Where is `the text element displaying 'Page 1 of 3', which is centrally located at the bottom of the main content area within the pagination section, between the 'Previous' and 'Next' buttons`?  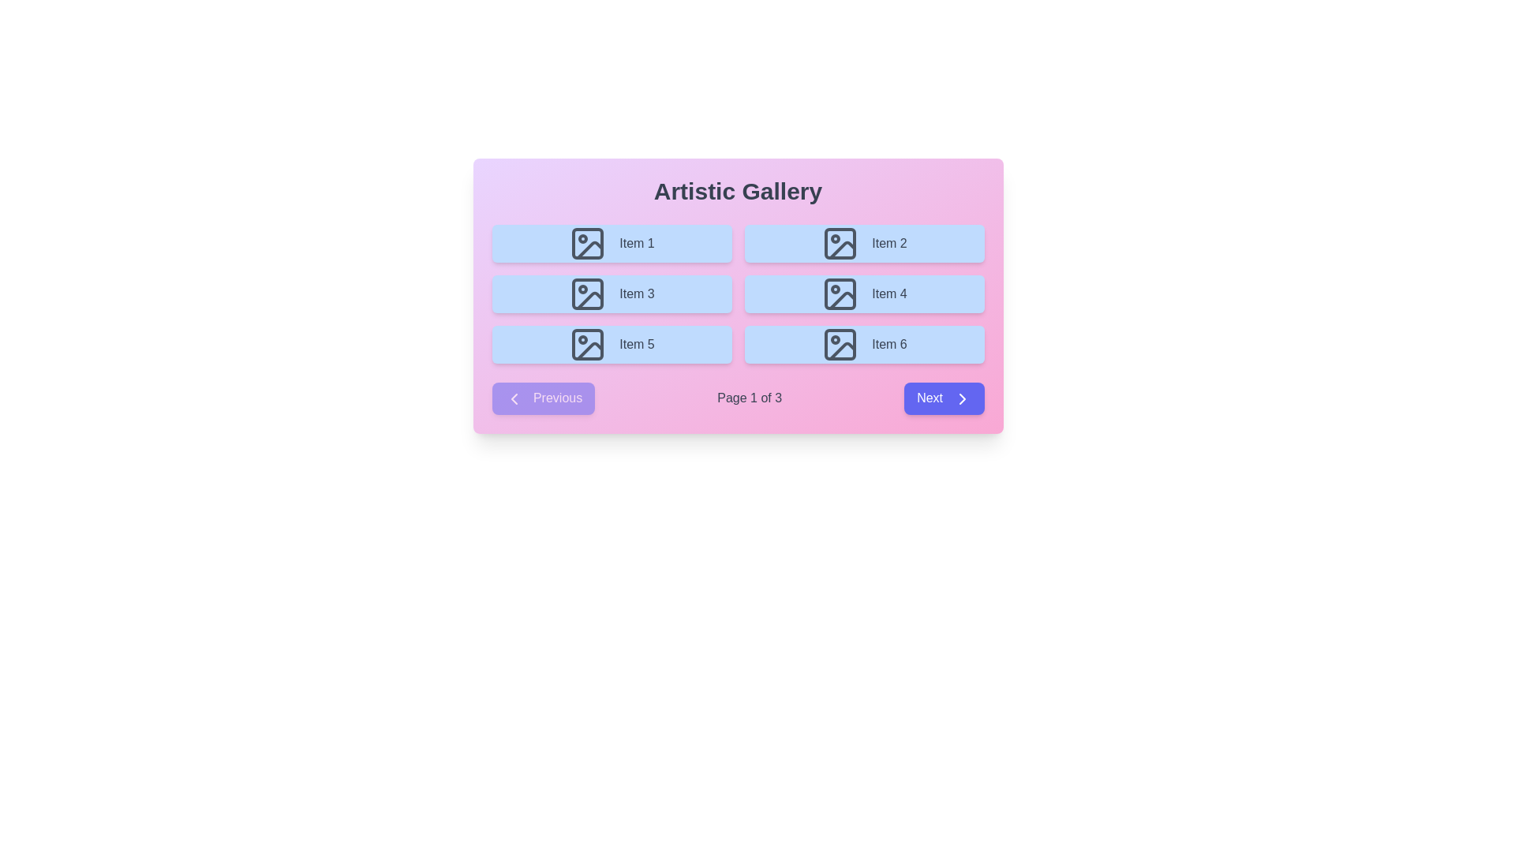 the text element displaying 'Page 1 of 3', which is centrally located at the bottom of the main content area within the pagination section, between the 'Previous' and 'Next' buttons is located at coordinates (749, 398).